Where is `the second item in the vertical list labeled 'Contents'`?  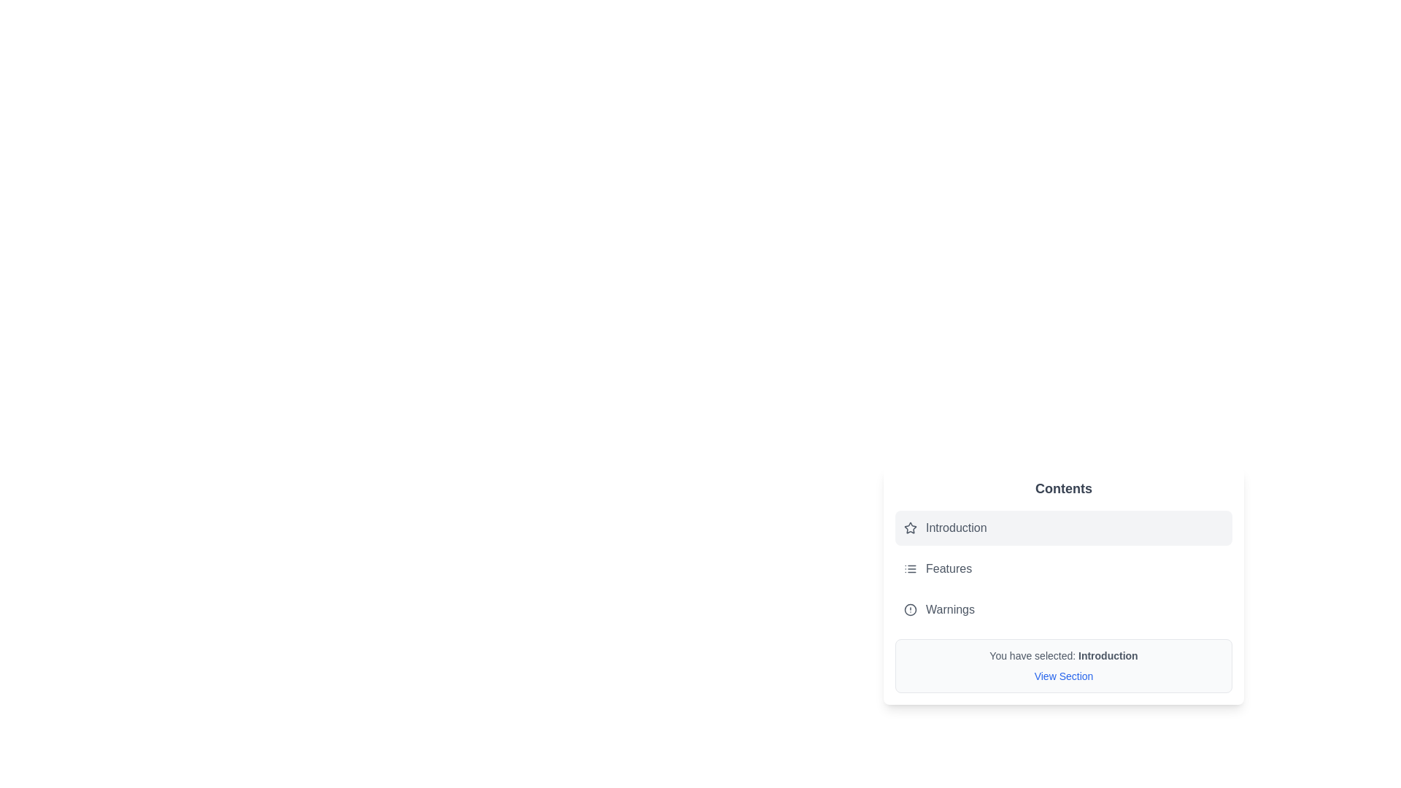
the second item in the vertical list labeled 'Contents' is located at coordinates (1064, 568).